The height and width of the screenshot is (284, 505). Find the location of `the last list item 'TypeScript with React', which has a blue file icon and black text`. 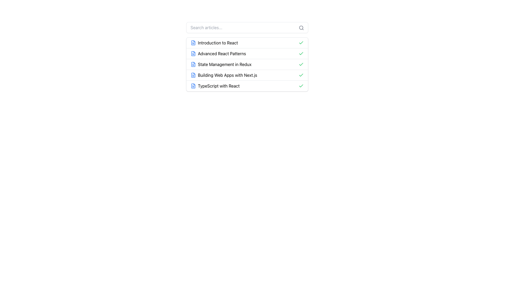

the last list item 'TypeScript with React', which has a blue file icon and black text is located at coordinates (215, 86).